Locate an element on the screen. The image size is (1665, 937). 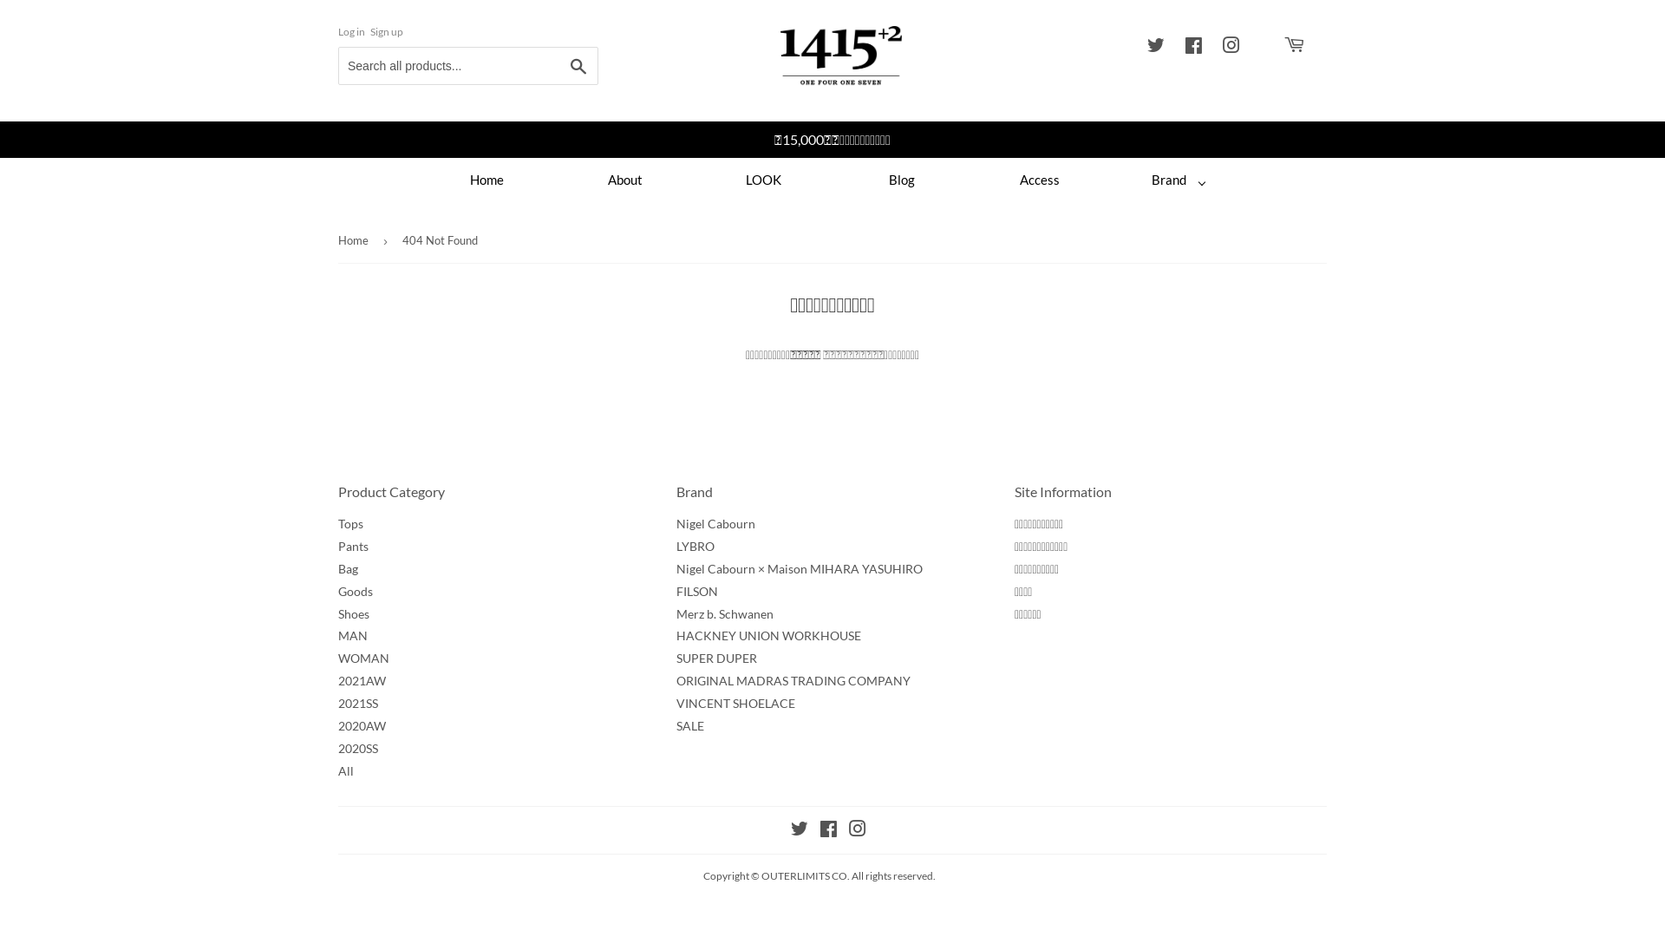
'2021SS' is located at coordinates (356, 703).